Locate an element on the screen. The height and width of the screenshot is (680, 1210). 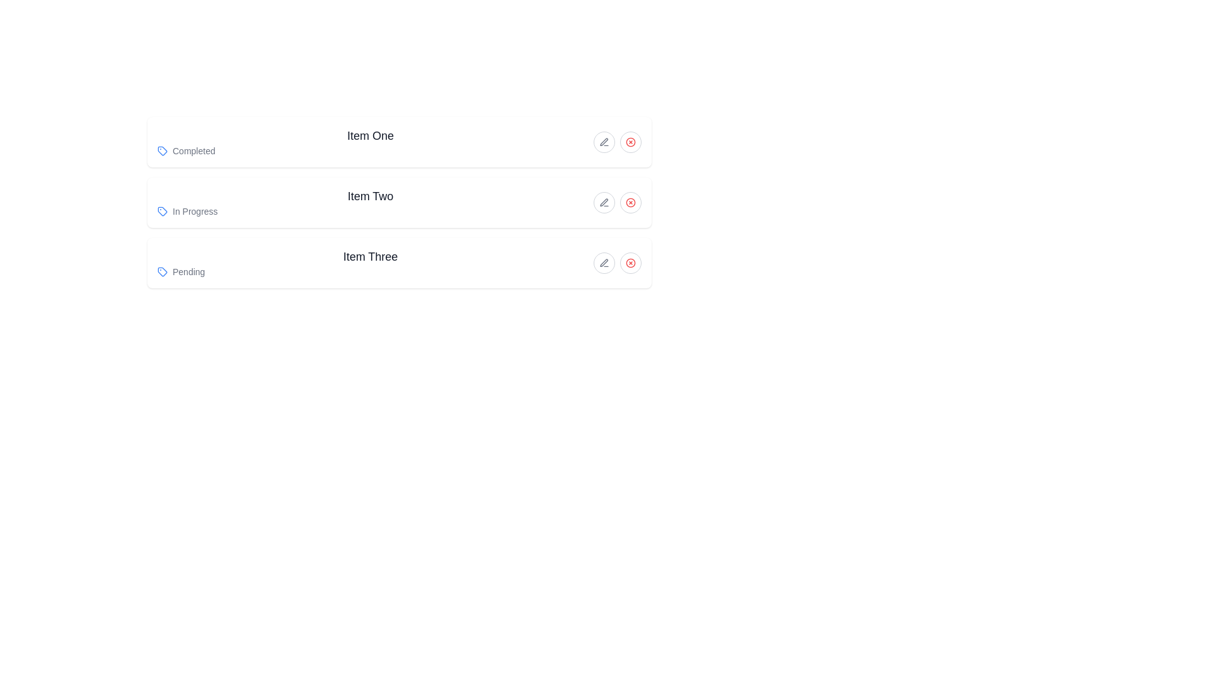
the tag-shaped icon with a blue stroke located to the left of the labels 'Completed', 'In Progress', or 'Pending' for items labeled as 'Item One', 'Item Two', and 'Item Three' is located at coordinates (162, 210).